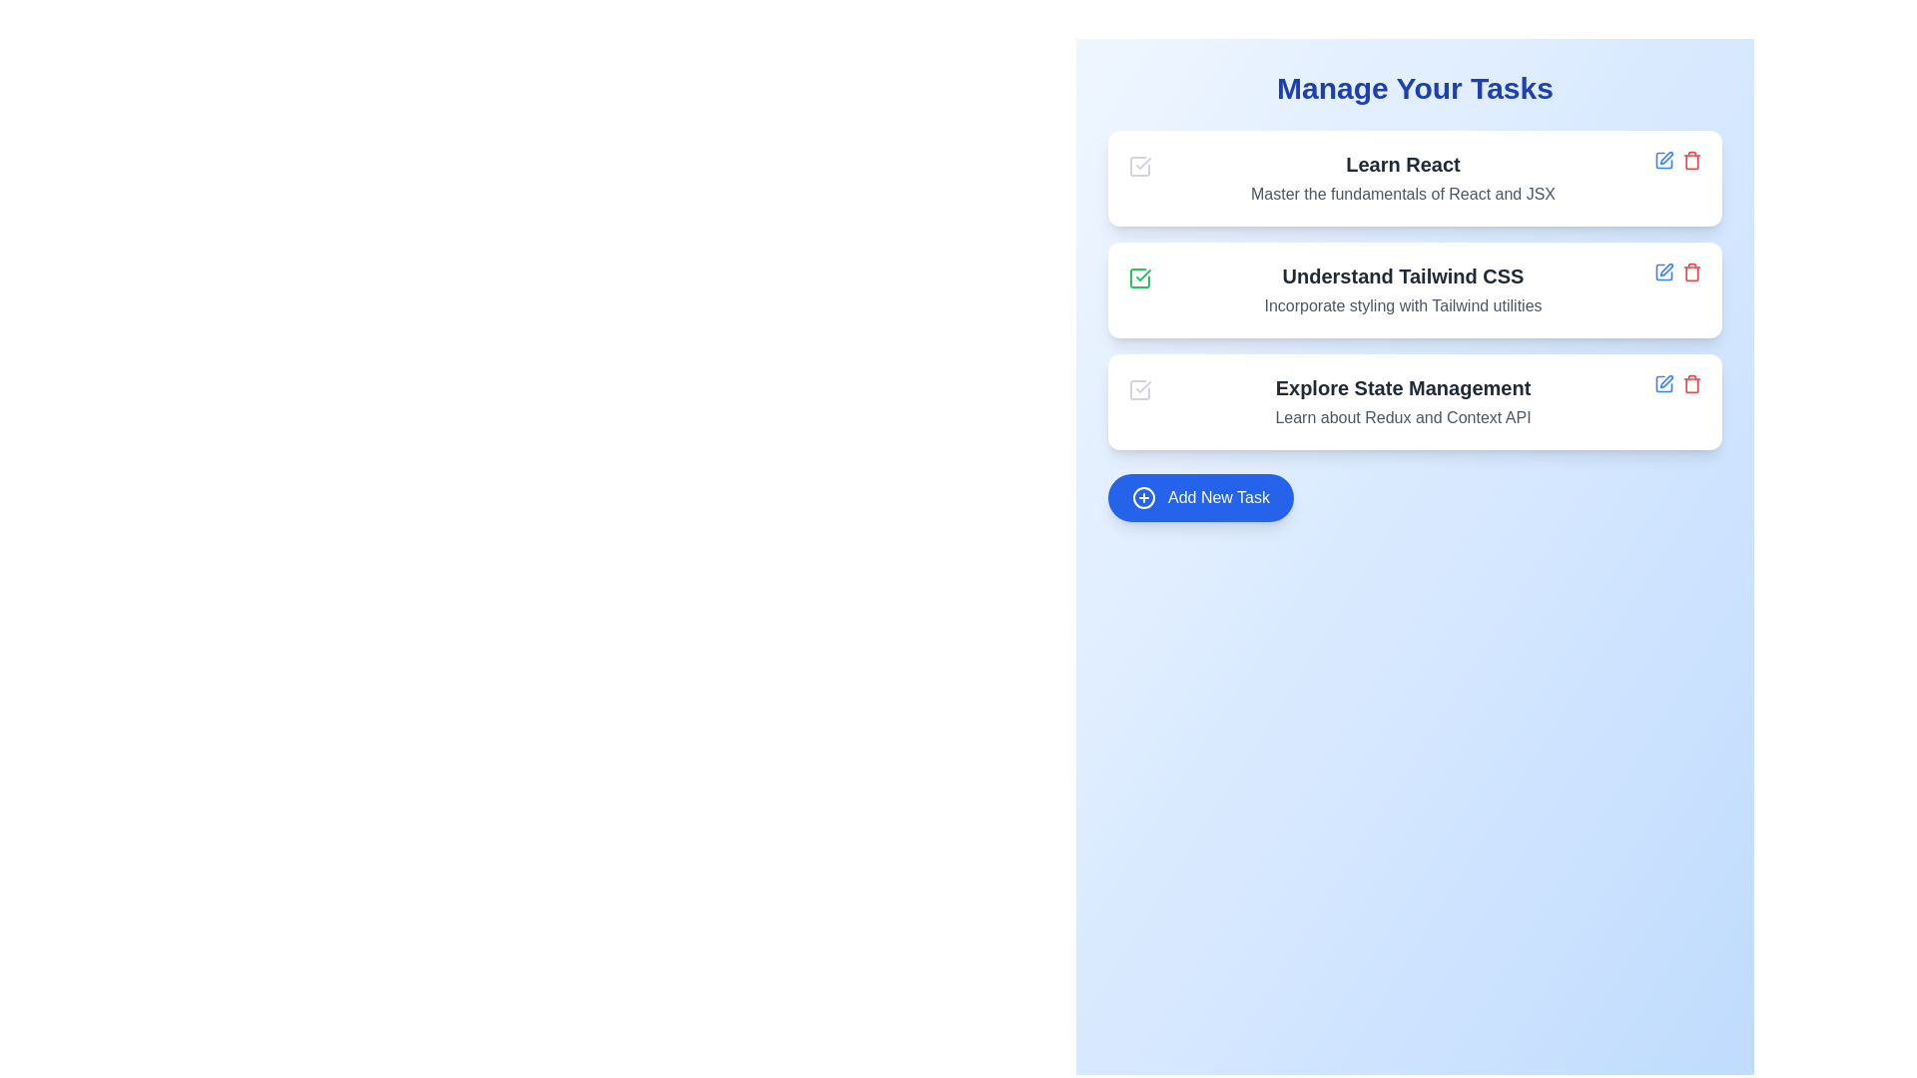  I want to click on the blue pen icon located to the right of the text 'Learn React' within the first item of the list under 'Manage Your Tasks', so click(1663, 160).